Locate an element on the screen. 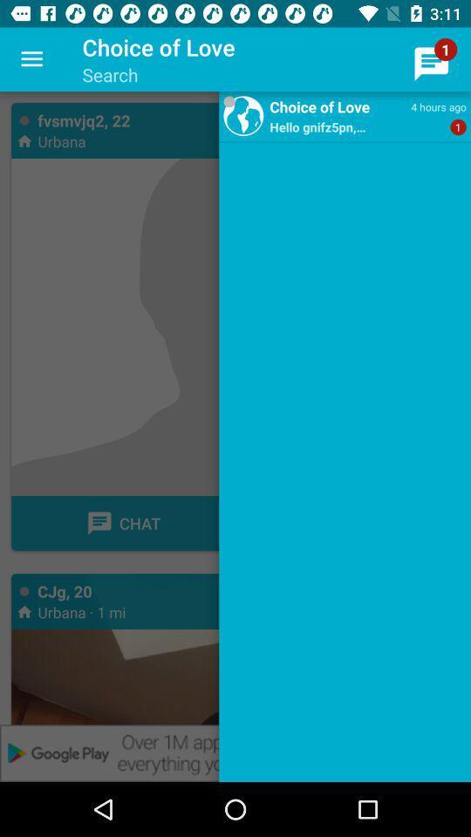  a chat button on a page is located at coordinates (122, 523).